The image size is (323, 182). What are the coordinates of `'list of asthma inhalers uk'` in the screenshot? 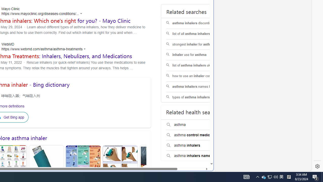 It's located at (198, 65).